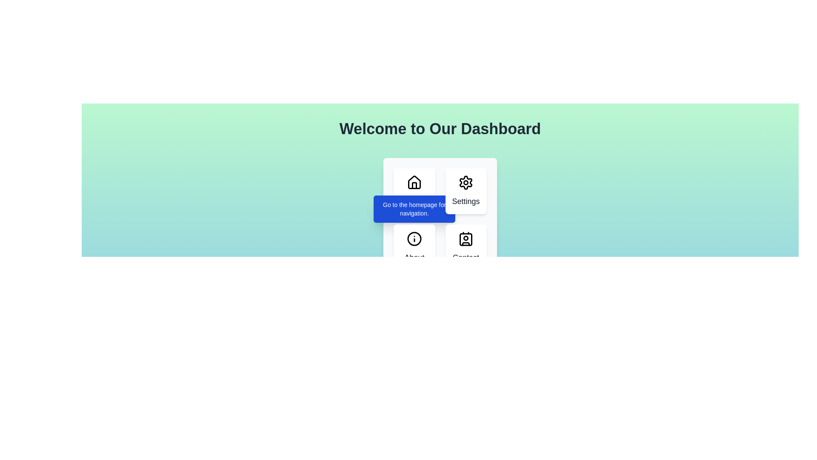 This screenshot has height=460, width=817. I want to click on the clickable card or link element that serves as a navigational interface, located at the top left corner of the grid, to redirect to the homepage or primary dashboard, so click(414, 190).